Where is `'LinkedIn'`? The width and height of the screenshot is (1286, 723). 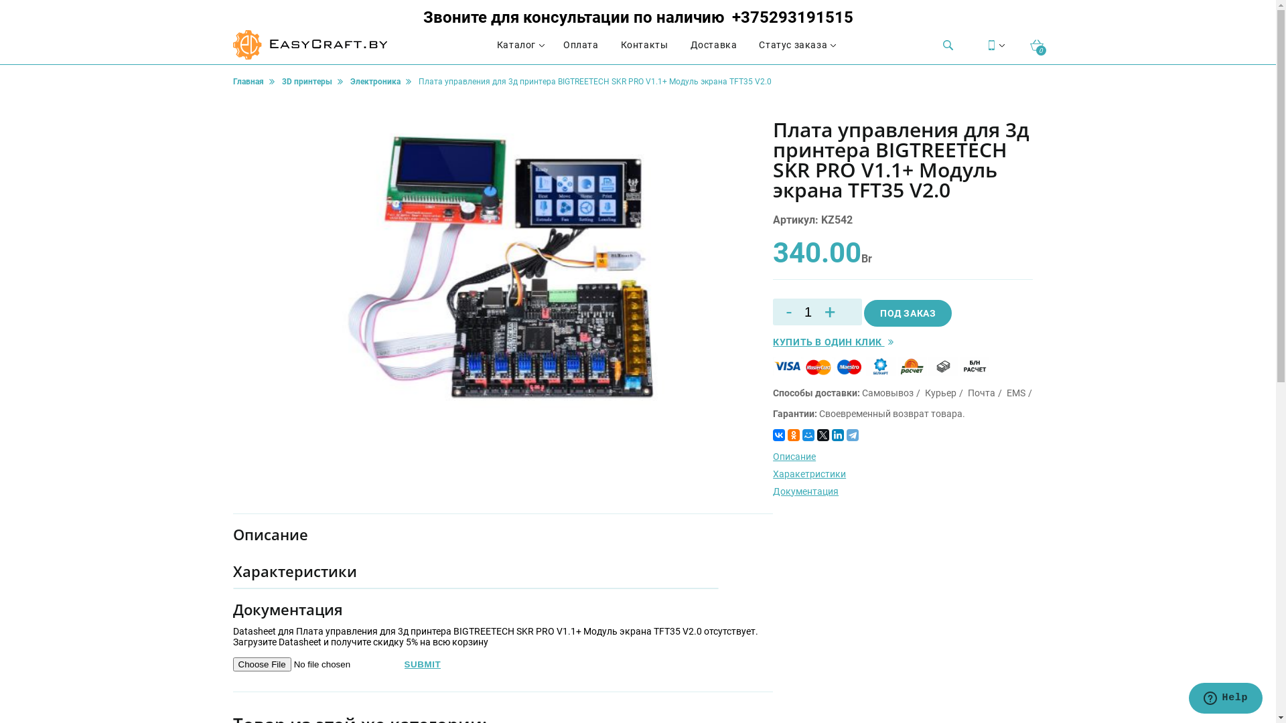
'LinkedIn' is located at coordinates (831, 435).